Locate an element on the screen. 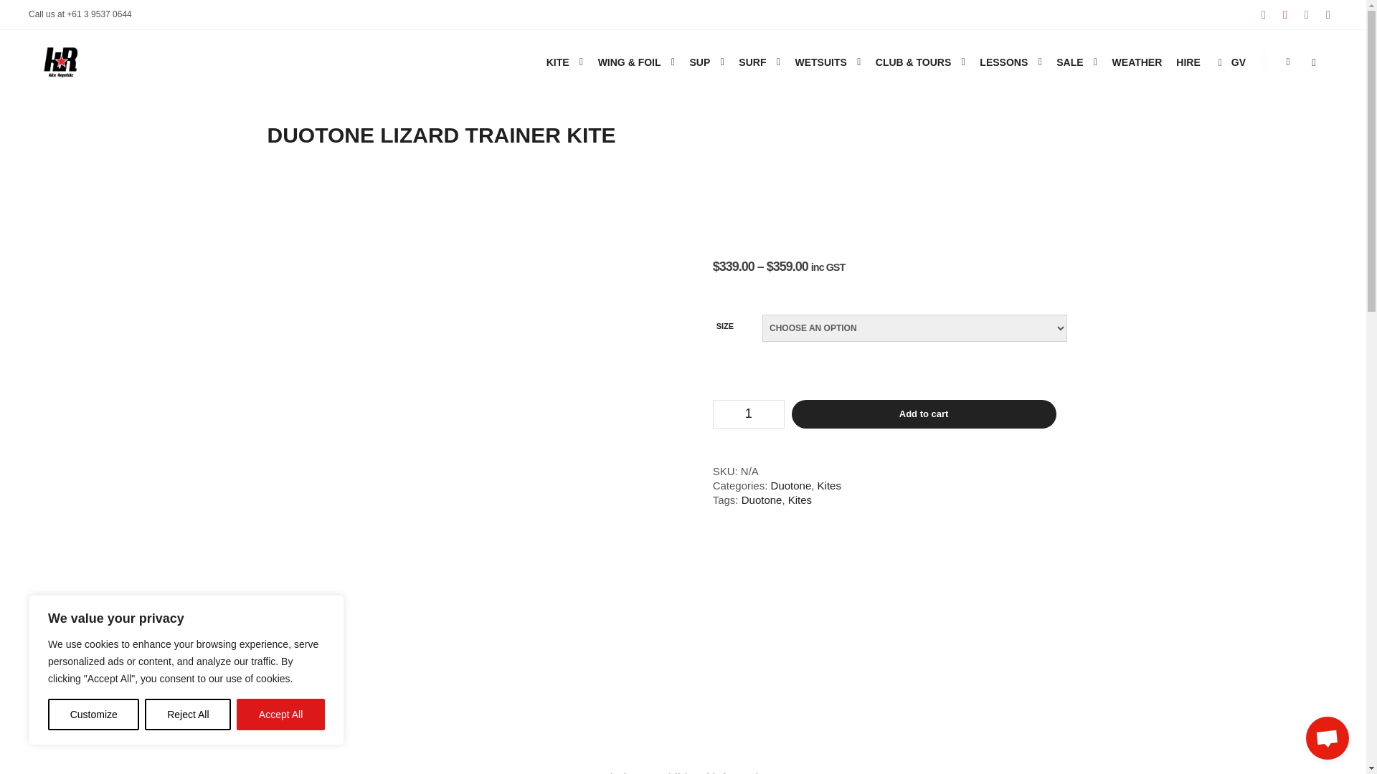 This screenshot has height=774, width=1377. 'Add to cart' is located at coordinates (924, 414).